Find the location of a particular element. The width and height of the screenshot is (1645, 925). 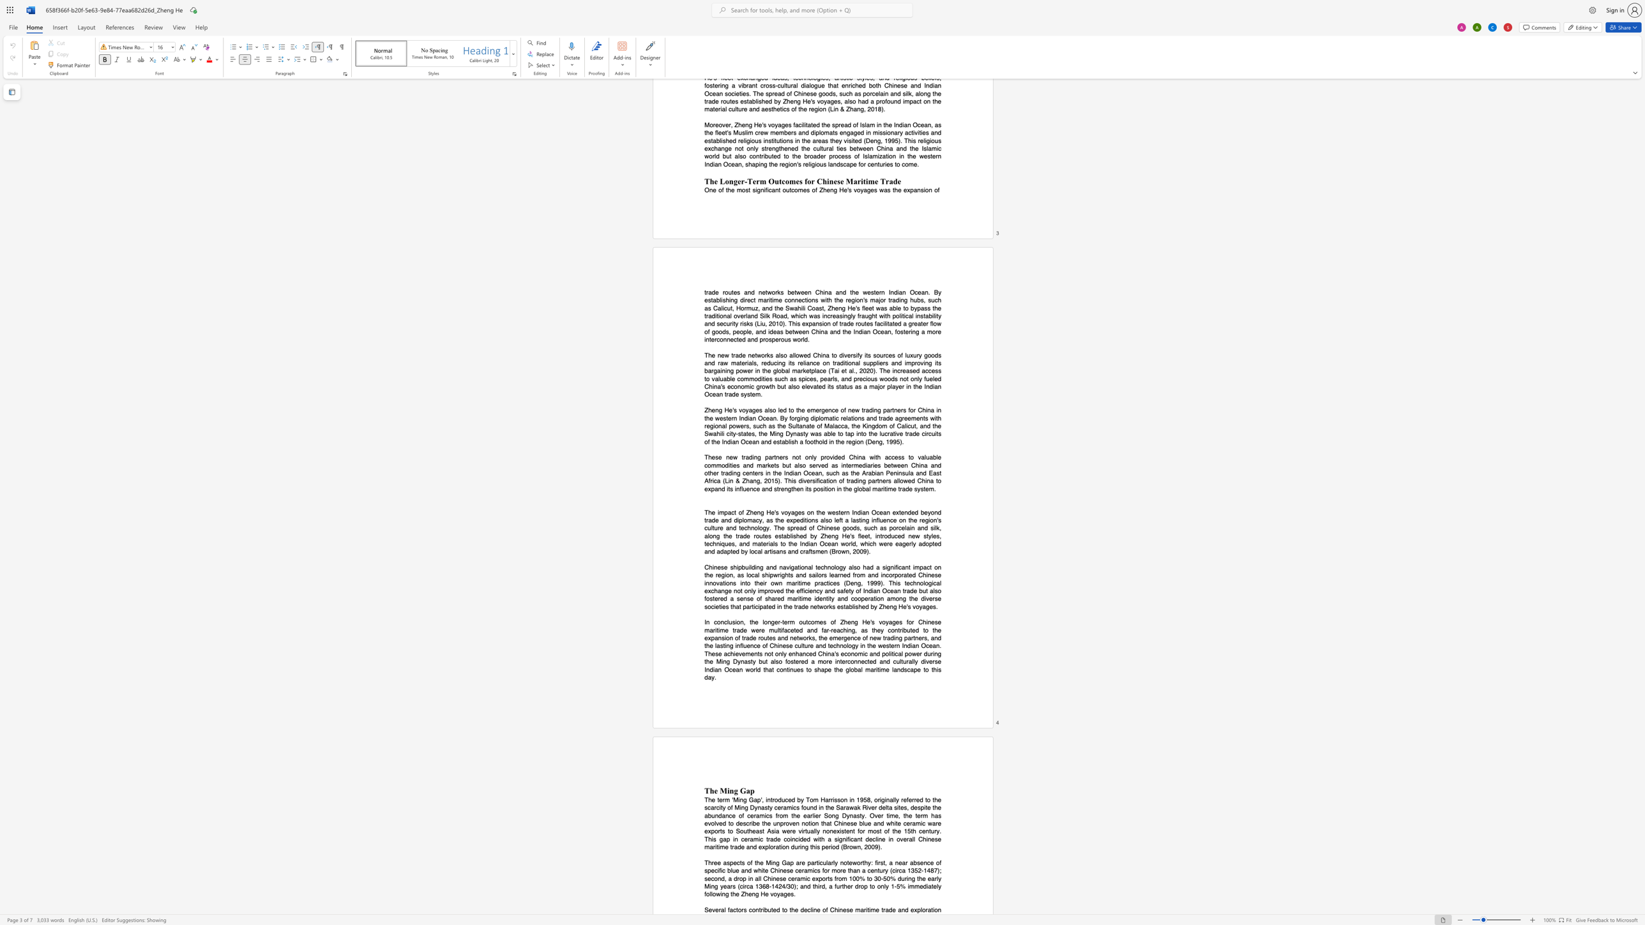

the subset text "blis" within the text "established" is located at coordinates (848, 606).